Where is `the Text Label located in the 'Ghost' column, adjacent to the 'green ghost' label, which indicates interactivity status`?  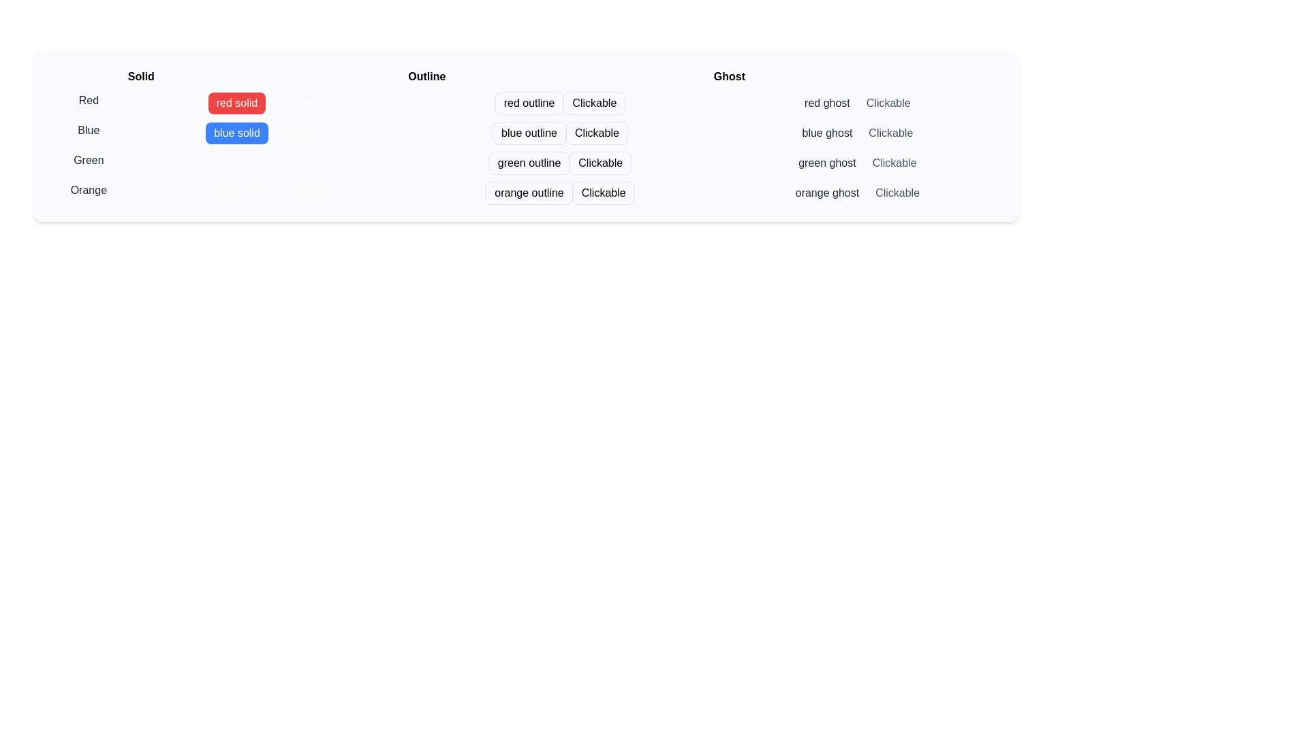
the Text Label located in the 'Ghost' column, adjacent to the 'green ghost' label, which indicates interactivity status is located at coordinates (894, 162).